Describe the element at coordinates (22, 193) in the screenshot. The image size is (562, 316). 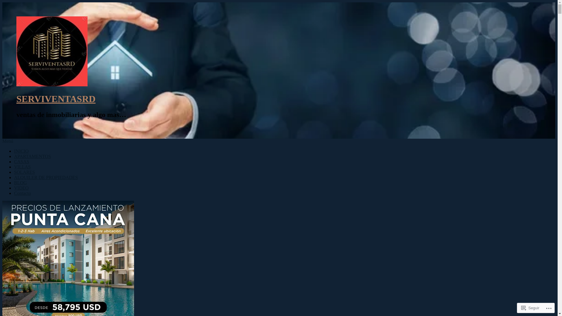
I see `'Contacto'` at that location.